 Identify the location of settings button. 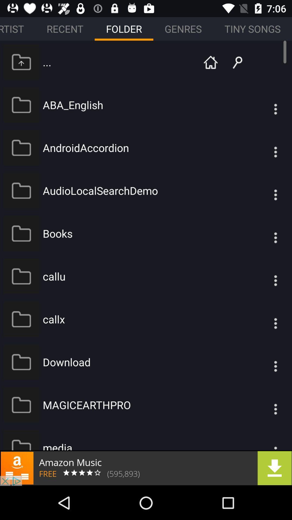
(264, 362).